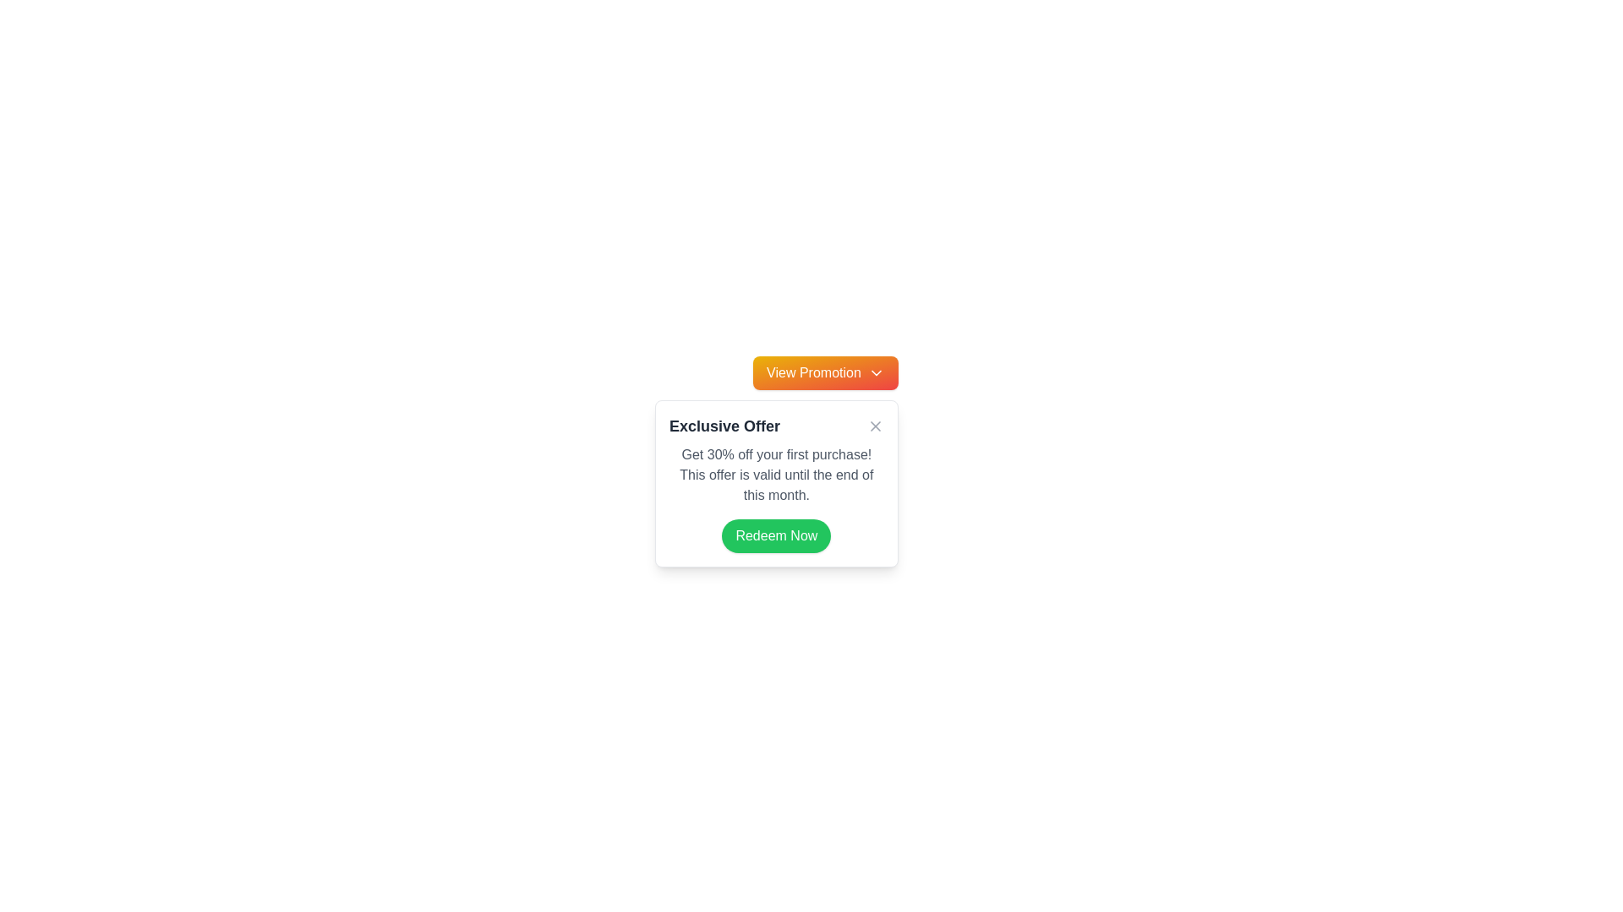 Image resolution: width=1623 pixels, height=912 pixels. Describe the element at coordinates (875, 426) in the screenshot. I see `the cross (×) icon in the top-right corner of the pop-up box, which is used for closing the window or removing an element` at that location.